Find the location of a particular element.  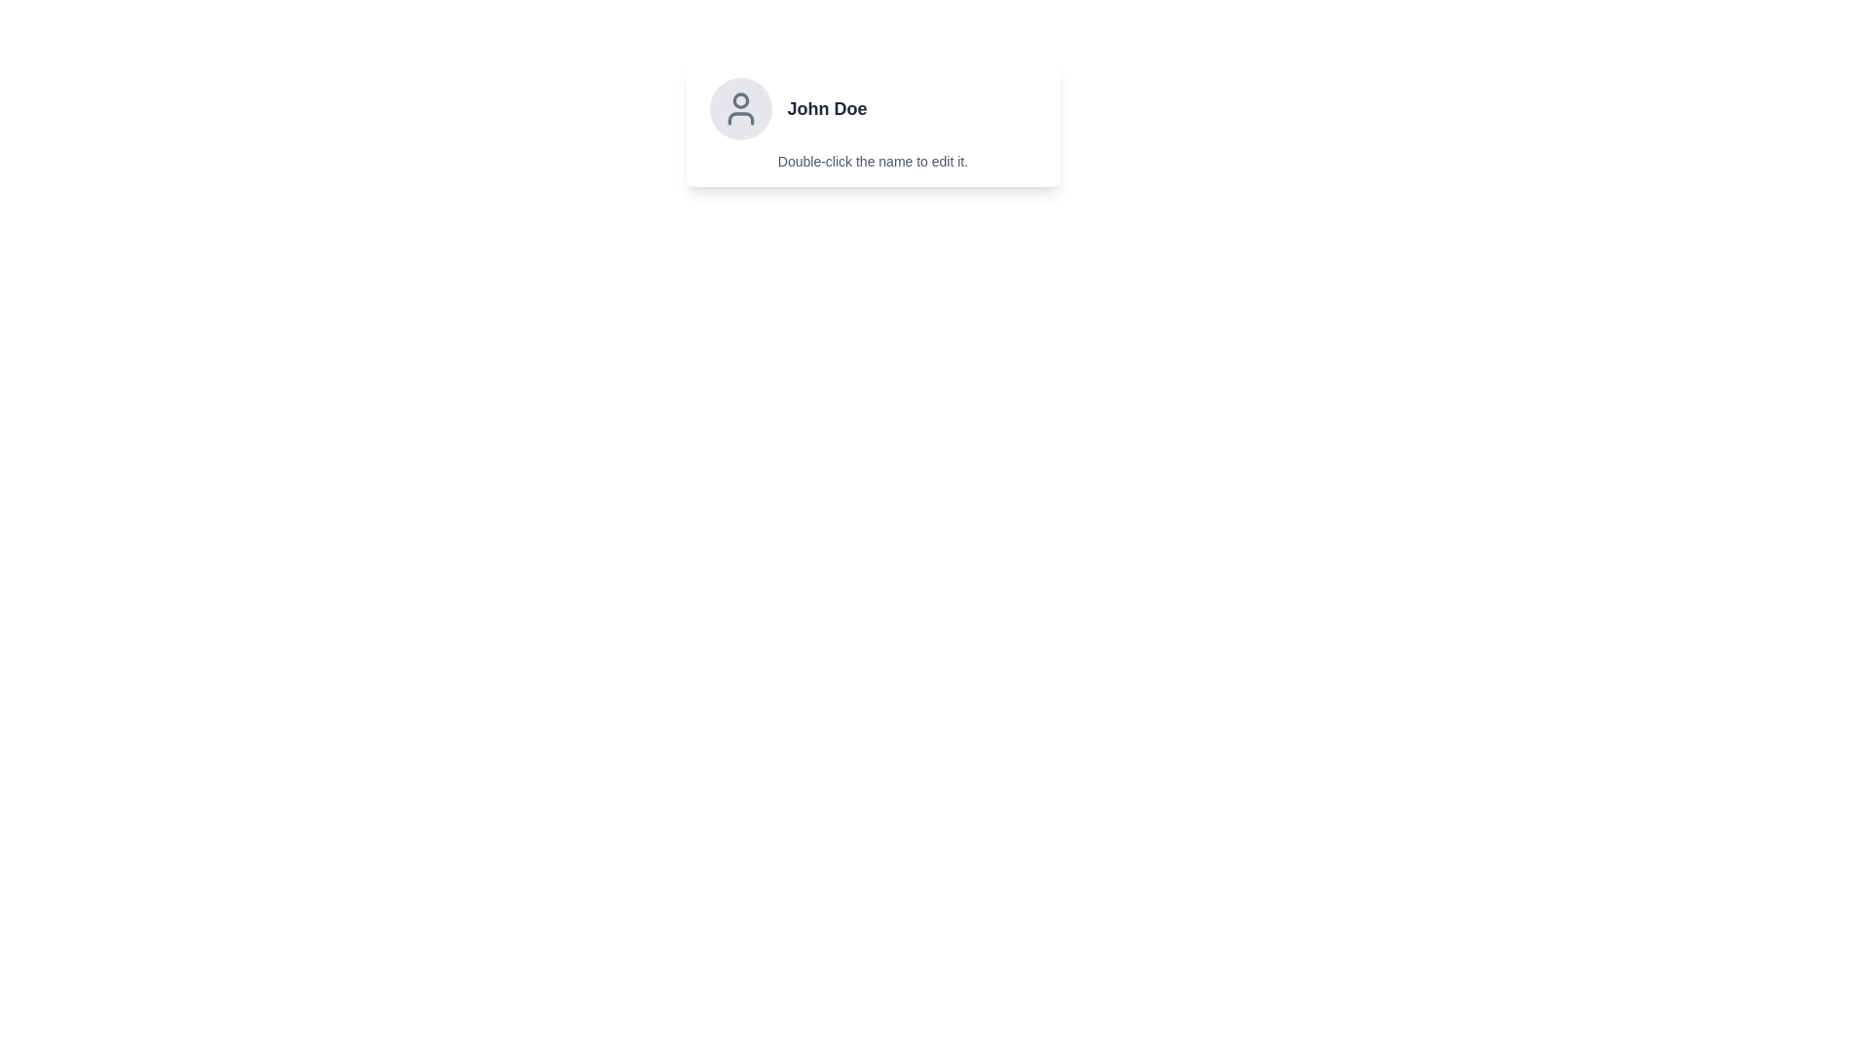

the Text label that provides editing instructions, located below the 'John Doe' text and user icon is located at coordinates (872, 160).